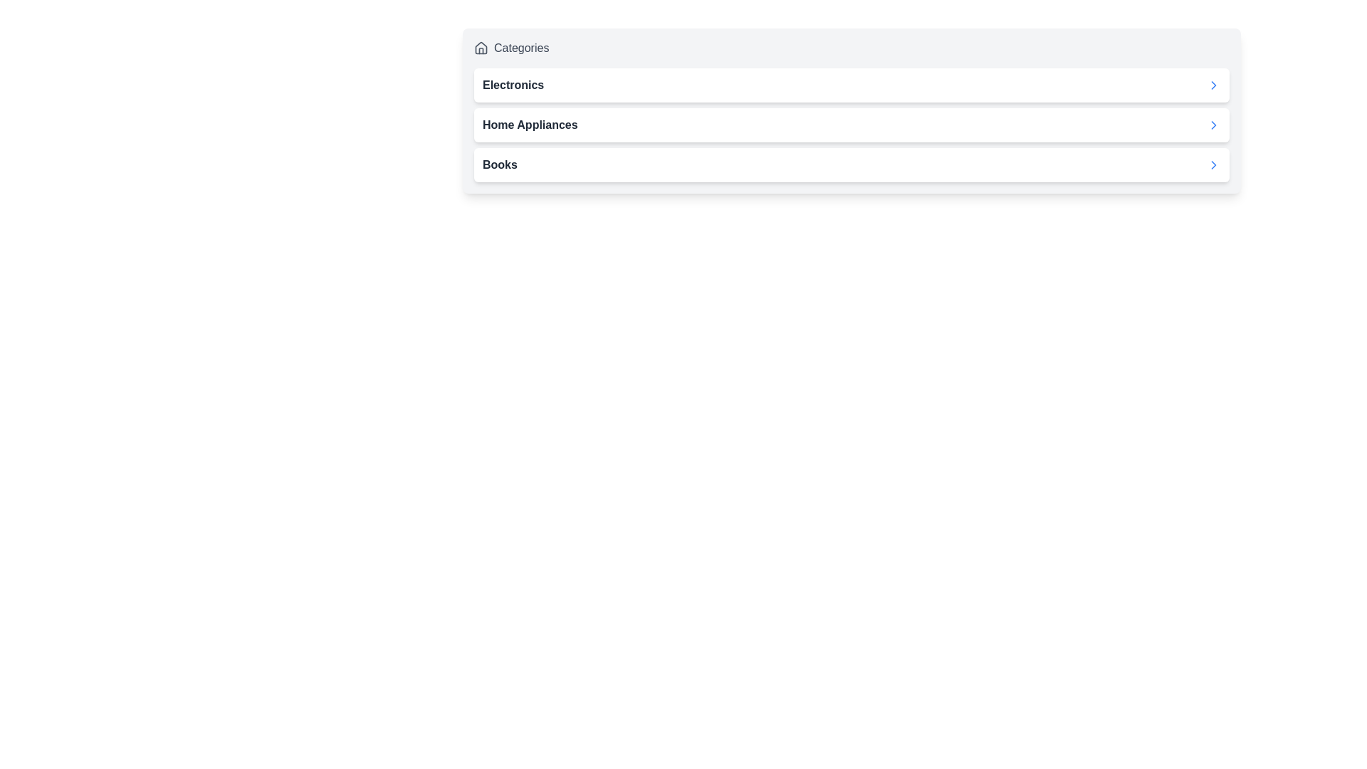 The width and height of the screenshot is (1367, 769). Describe the element at coordinates (1213, 85) in the screenshot. I see `the chevron icon located at the right edge of the 'Electronics' list item` at that location.